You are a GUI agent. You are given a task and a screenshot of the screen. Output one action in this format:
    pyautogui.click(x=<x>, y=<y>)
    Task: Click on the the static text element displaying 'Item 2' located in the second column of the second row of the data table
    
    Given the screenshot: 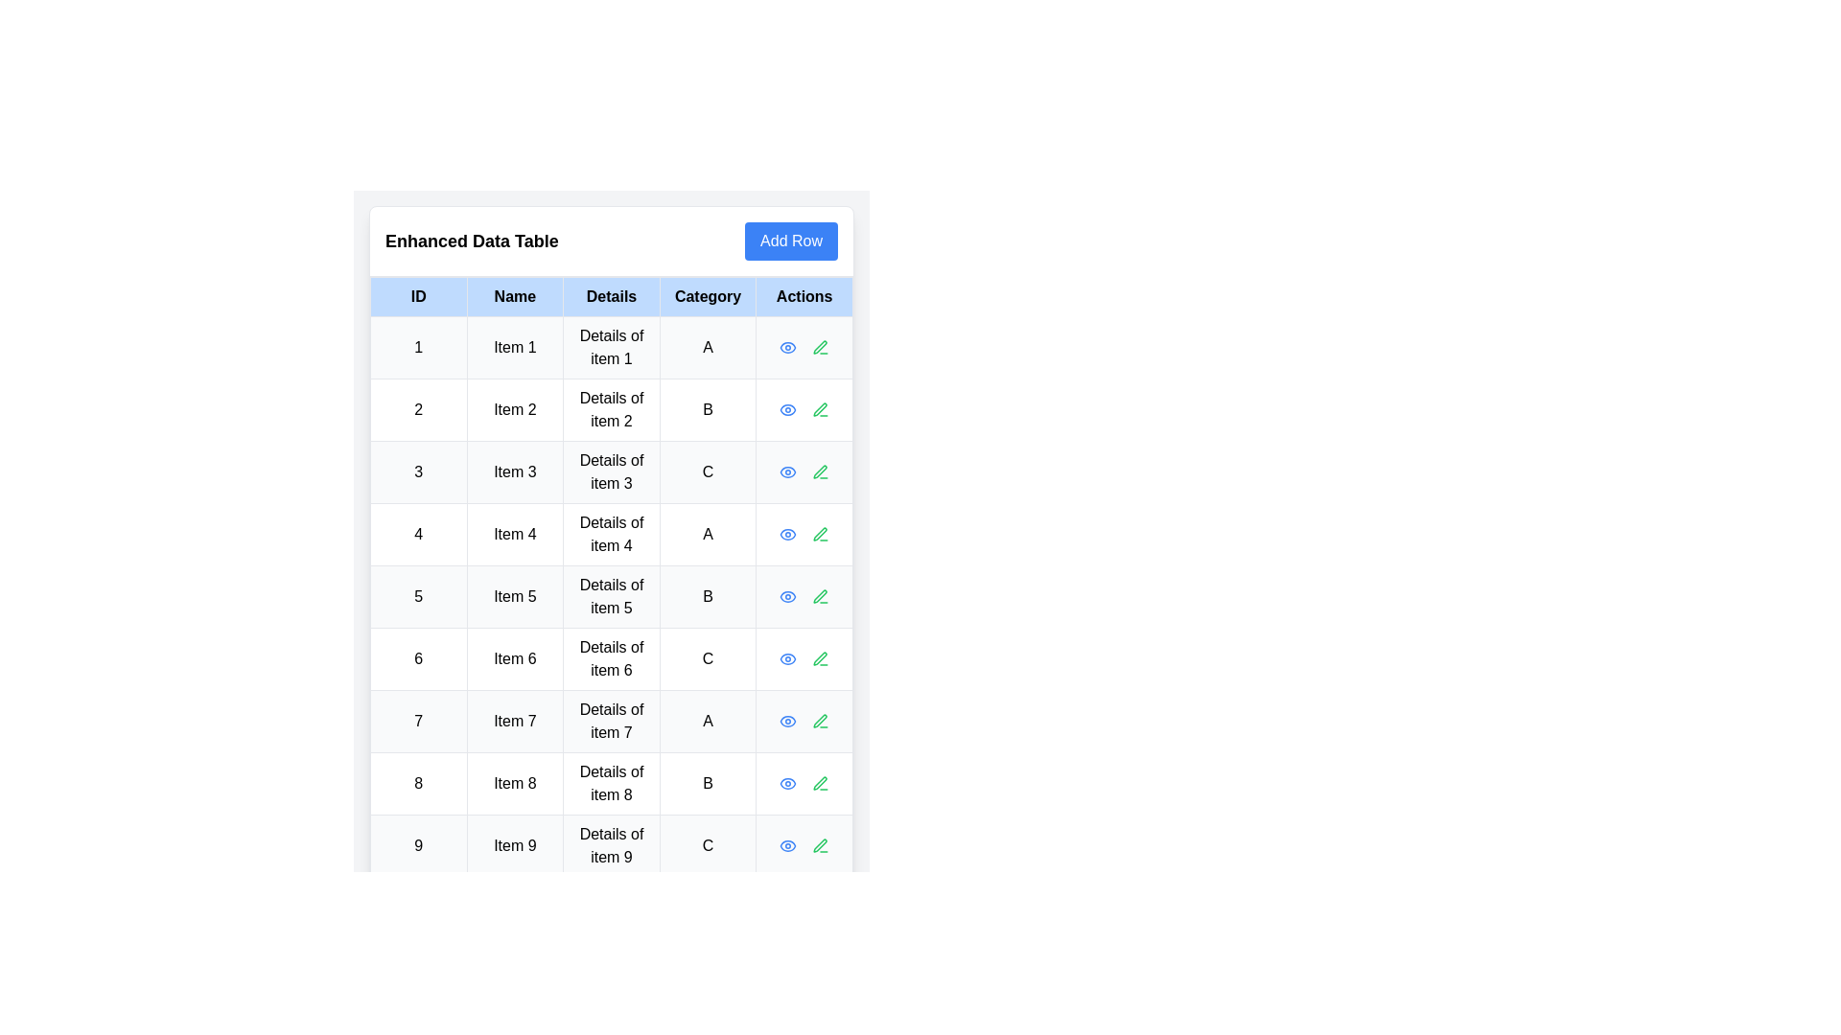 What is the action you would take?
    pyautogui.click(x=515, y=409)
    